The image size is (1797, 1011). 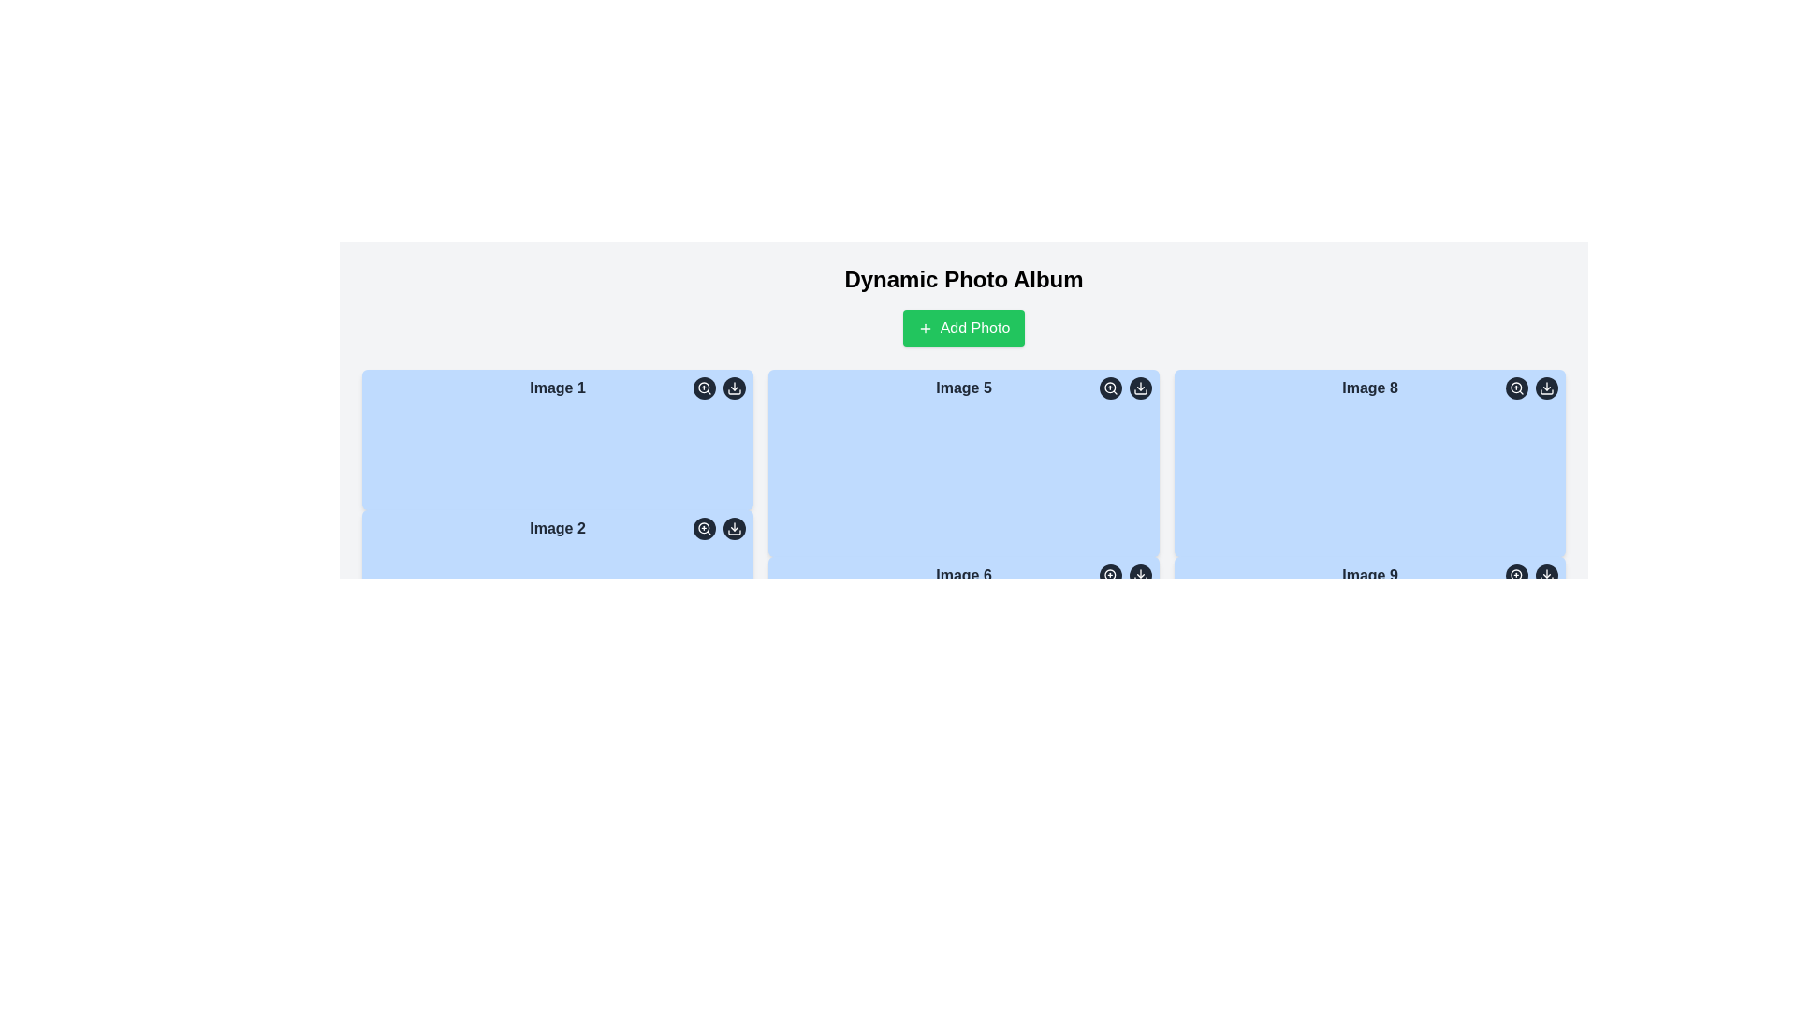 What do you see at coordinates (1110, 388) in the screenshot?
I see `the zoom-in icon button located in the top-right corner of the 'Image 5' rectangular box` at bounding box center [1110, 388].